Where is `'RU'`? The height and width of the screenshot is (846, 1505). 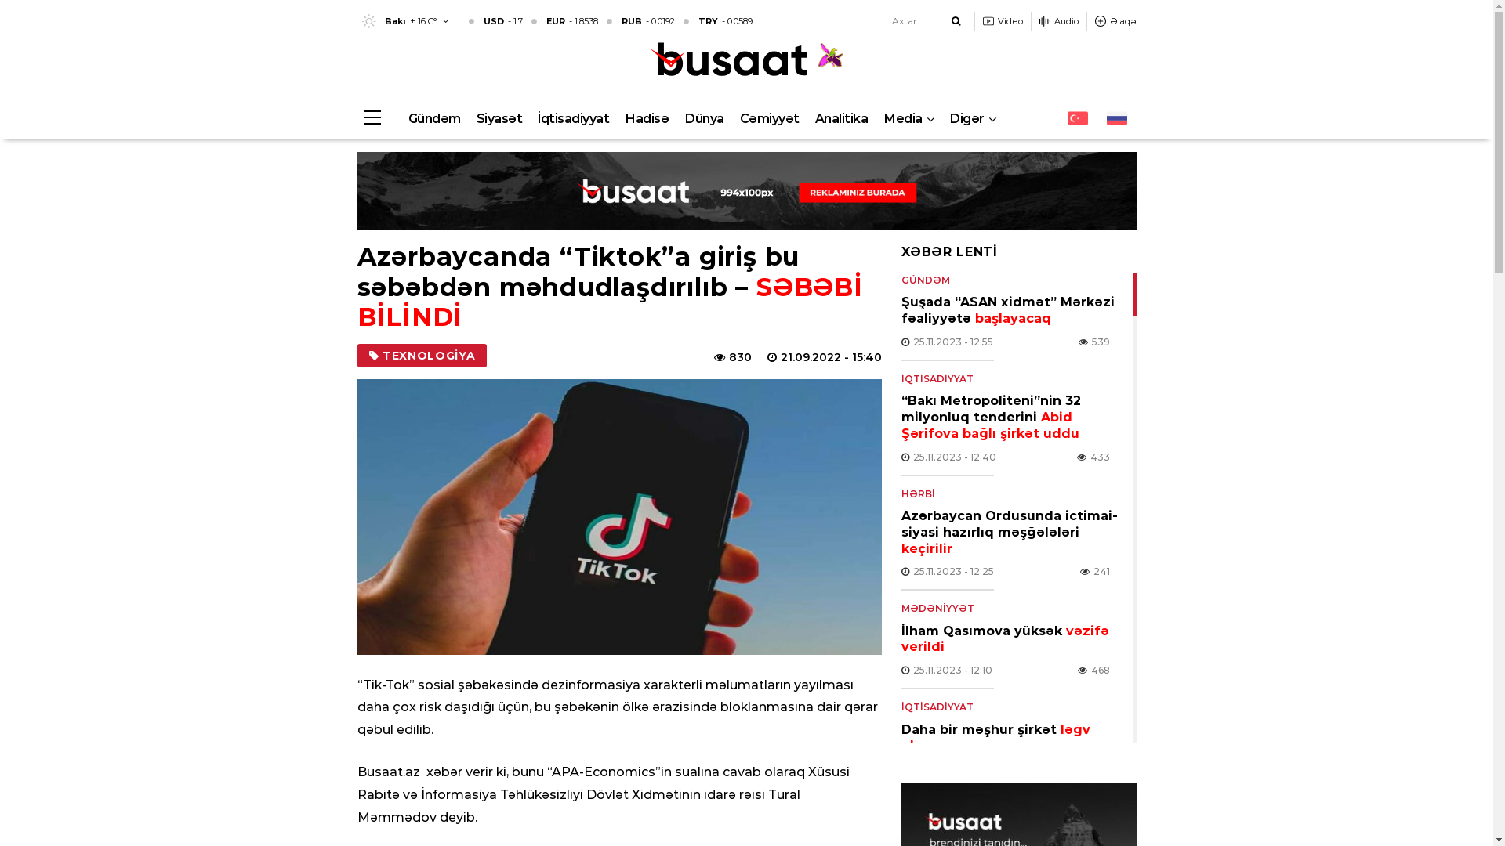
'RU' is located at coordinates (1116, 117).